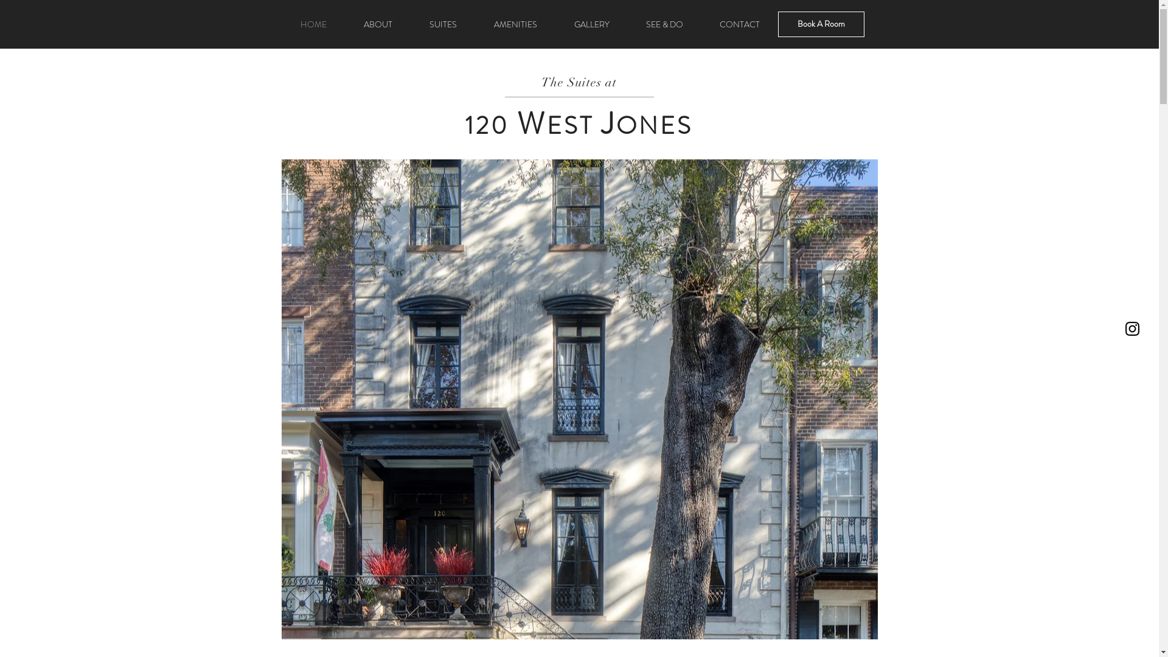 Image resolution: width=1168 pixels, height=657 pixels. Describe the element at coordinates (443, 24) in the screenshot. I see `'SUITES'` at that location.